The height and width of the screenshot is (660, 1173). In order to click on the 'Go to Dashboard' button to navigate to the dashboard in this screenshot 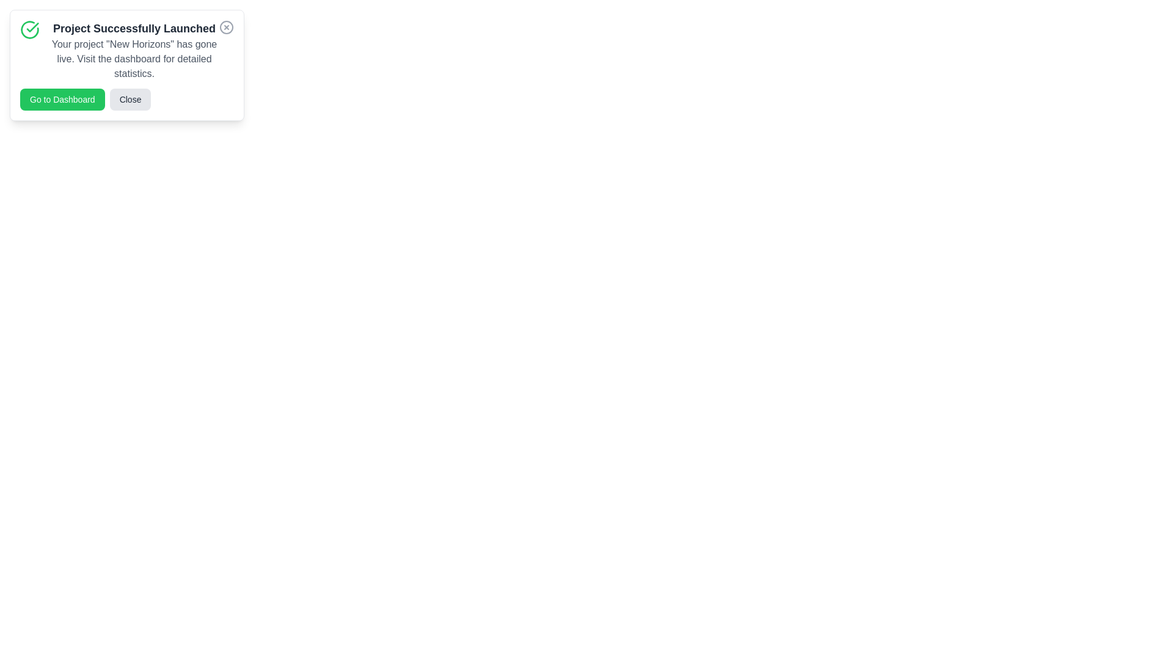, I will do `click(61, 98)`.